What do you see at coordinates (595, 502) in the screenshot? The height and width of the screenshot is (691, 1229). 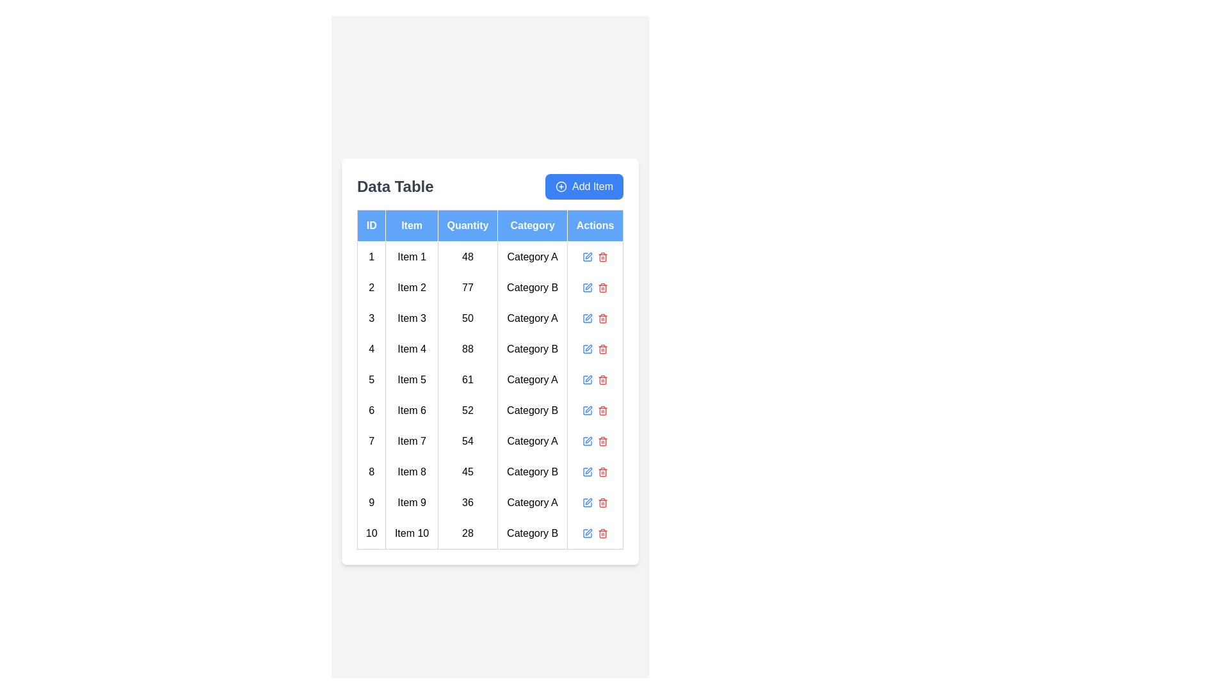 I see `the red delete icon in the actions column for the Item 9 entry` at bounding box center [595, 502].